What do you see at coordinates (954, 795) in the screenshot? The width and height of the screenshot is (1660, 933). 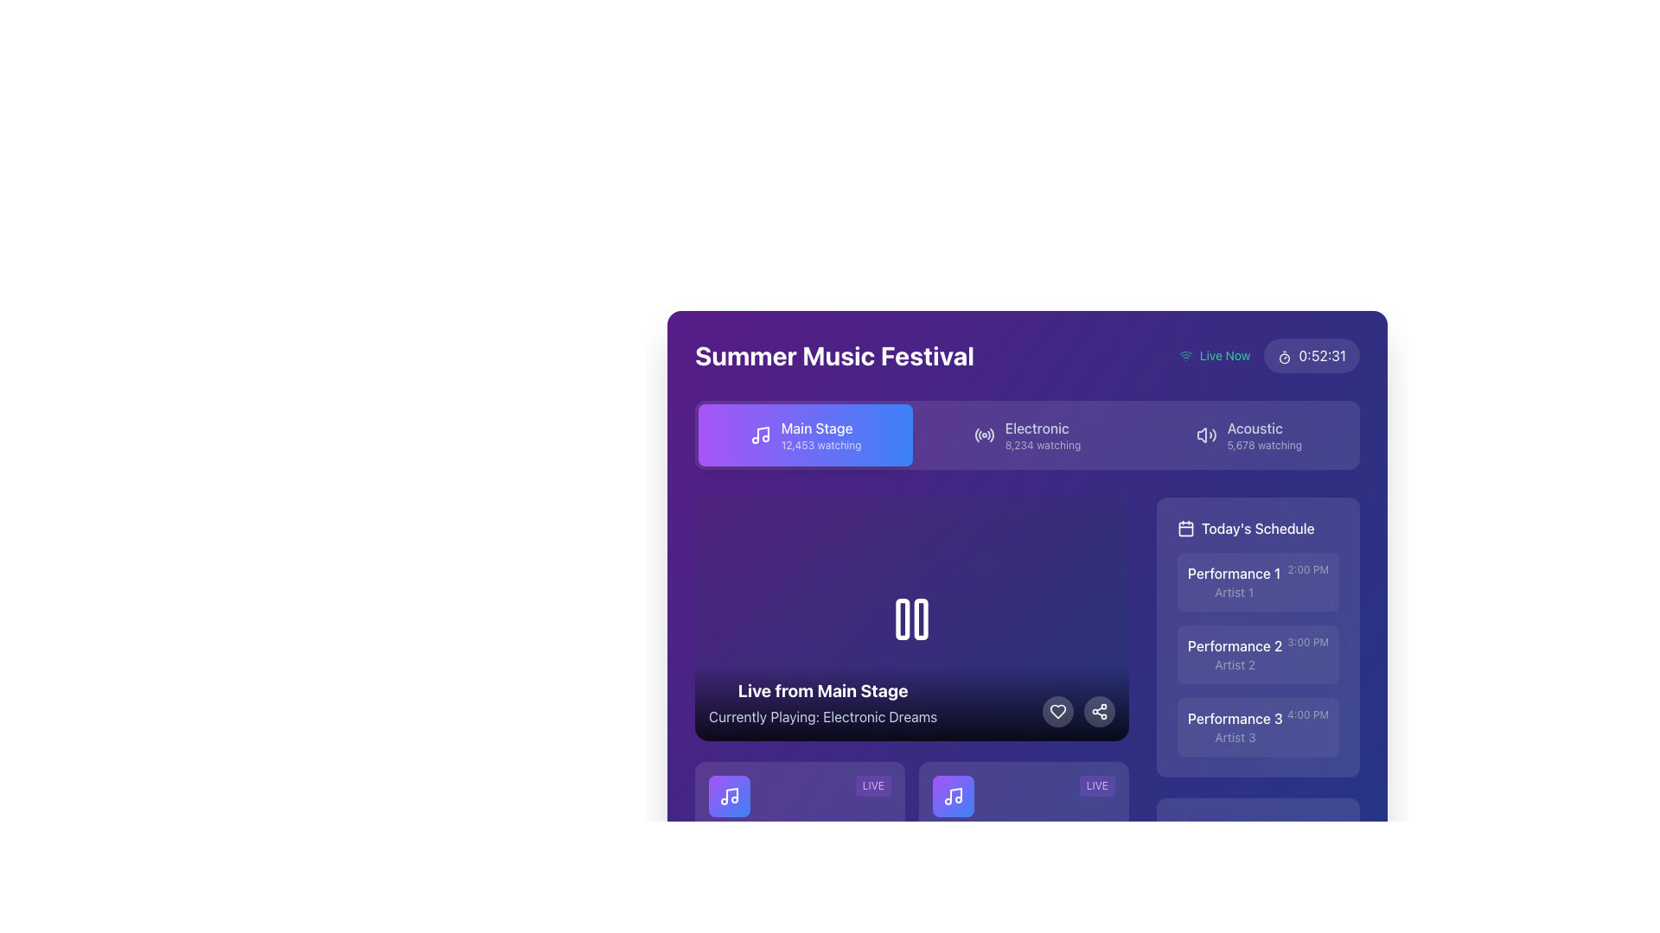 I see `the vertical line segment of the musical note icon, which is located on the right side of the 'Main Stage' button section` at bounding box center [954, 795].